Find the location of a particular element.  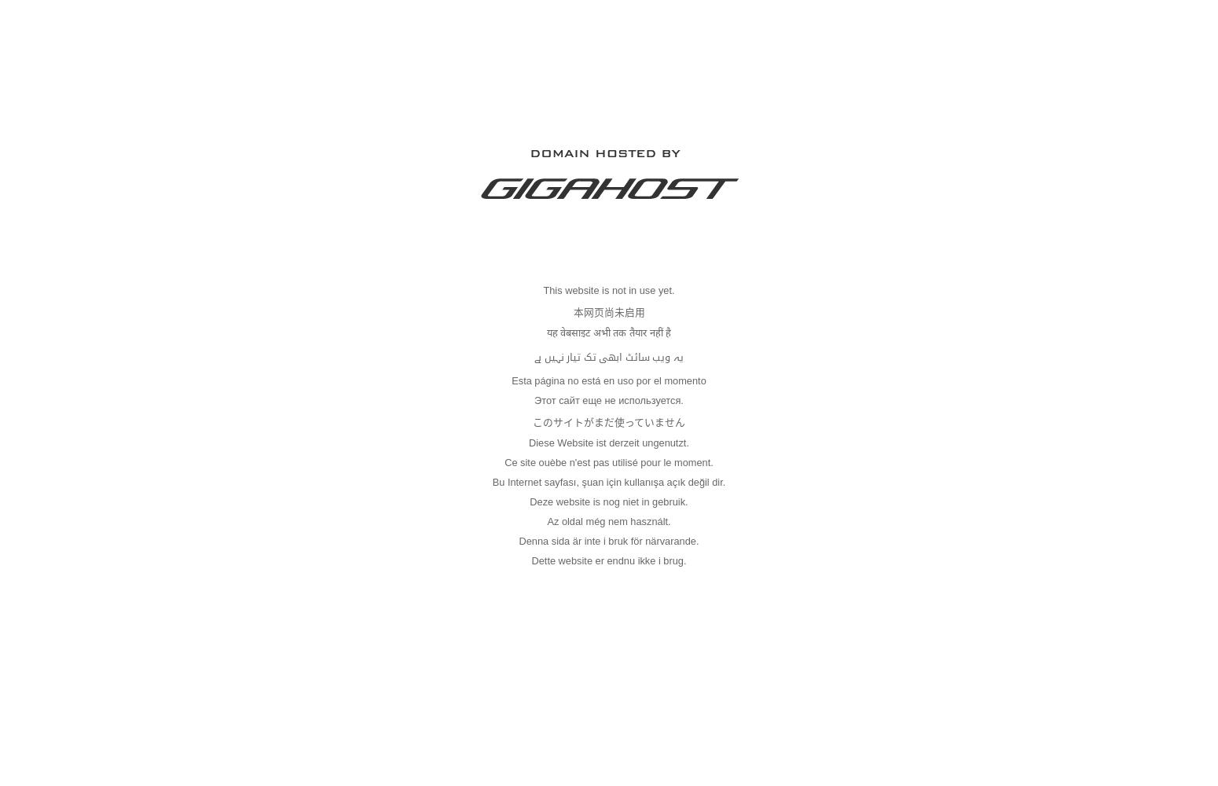

'Этот сайт еще не используется.' is located at coordinates (608, 400).